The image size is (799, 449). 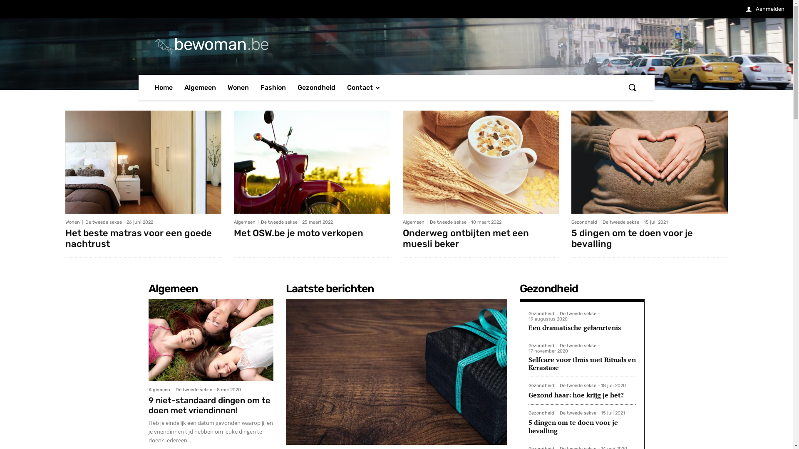 What do you see at coordinates (746, 9) in the screenshot?
I see `'Aanmelden'` at bounding box center [746, 9].